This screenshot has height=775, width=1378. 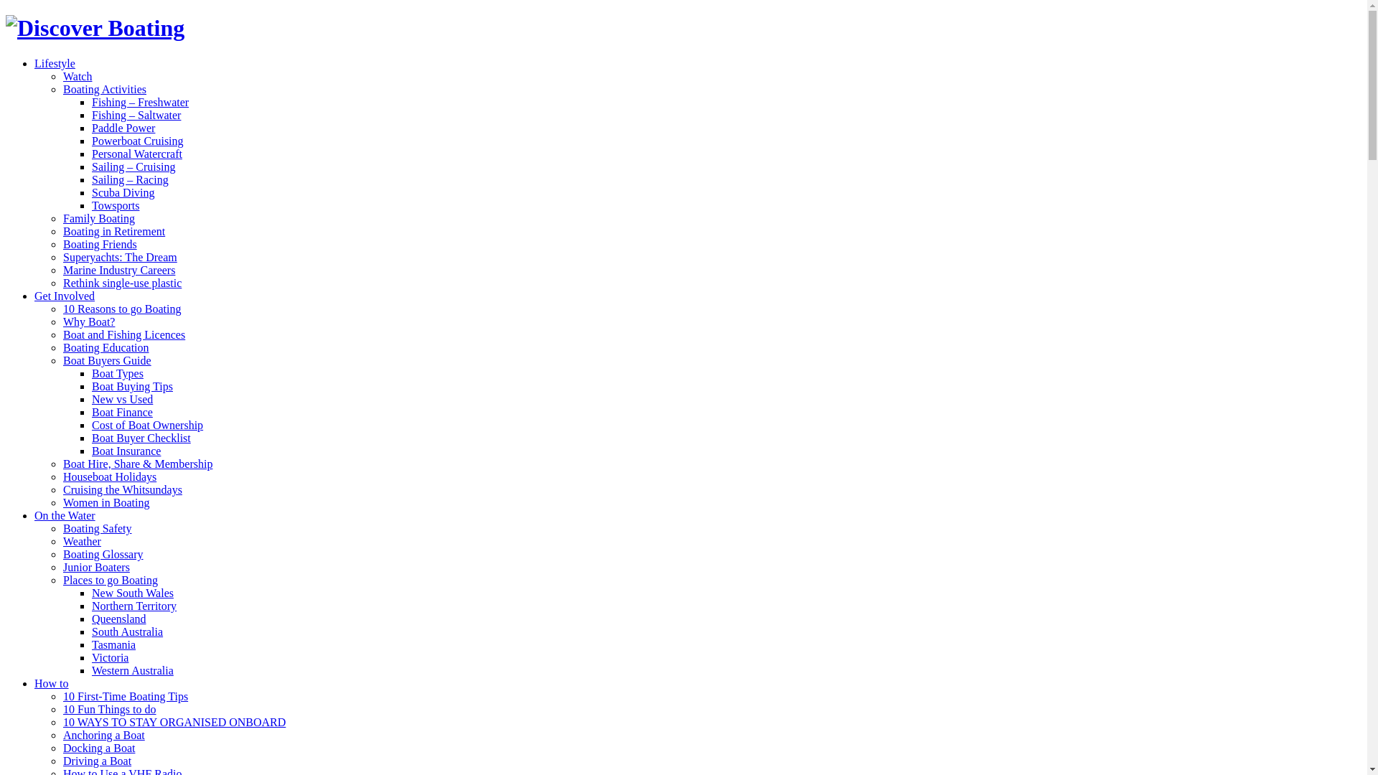 What do you see at coordinates (147, 424) in the screenshot?
I see `'Cost of Boat Ownership'` at bounding box center [147, 424].